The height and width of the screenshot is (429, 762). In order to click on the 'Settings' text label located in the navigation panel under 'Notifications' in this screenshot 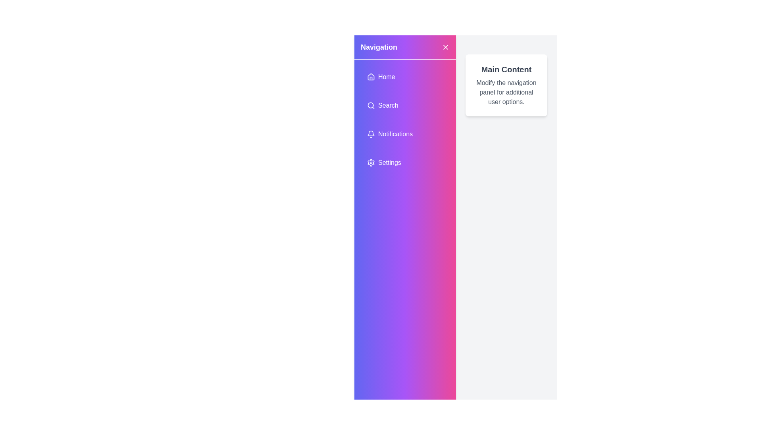, I will do `click(389, 162)`.